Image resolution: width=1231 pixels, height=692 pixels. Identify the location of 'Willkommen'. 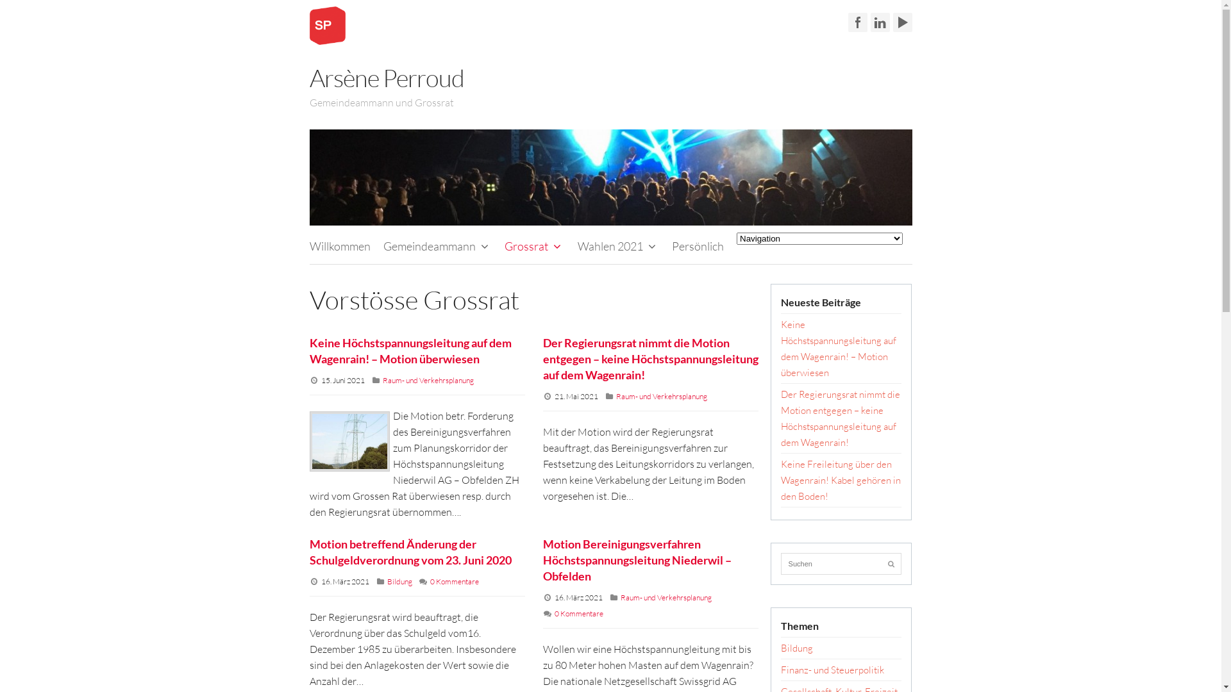
(339, 246).